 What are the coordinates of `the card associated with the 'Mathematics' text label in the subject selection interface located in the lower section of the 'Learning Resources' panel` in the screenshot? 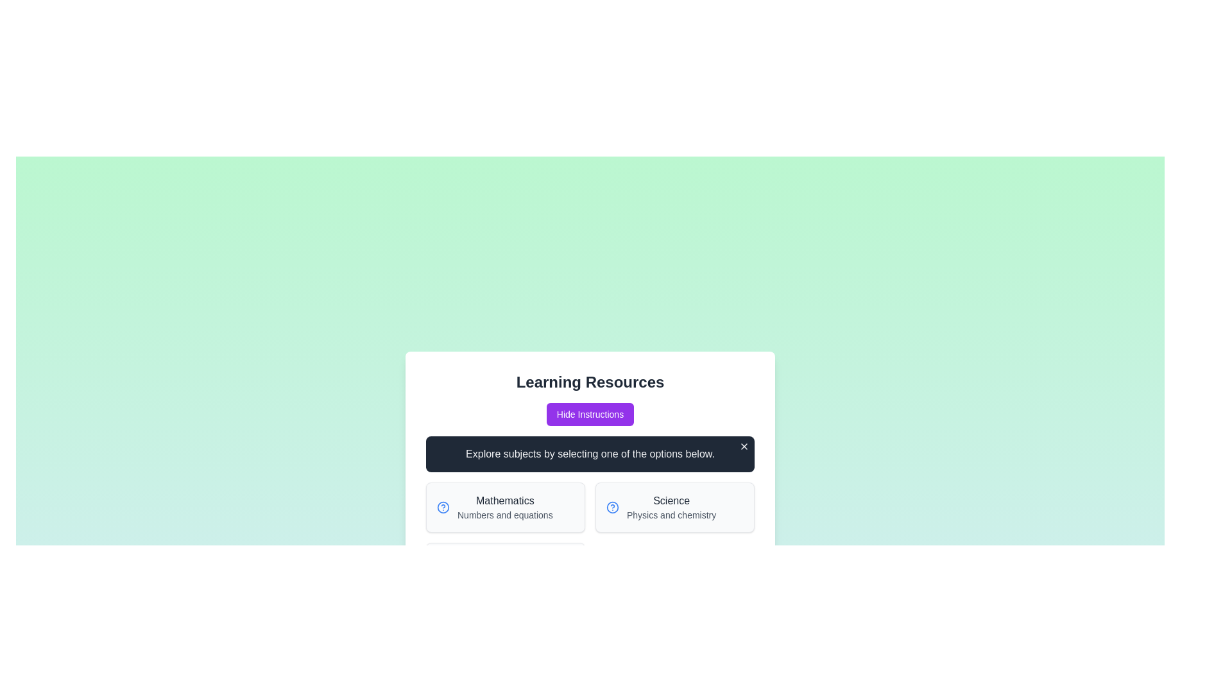 It's located at (504, 500).